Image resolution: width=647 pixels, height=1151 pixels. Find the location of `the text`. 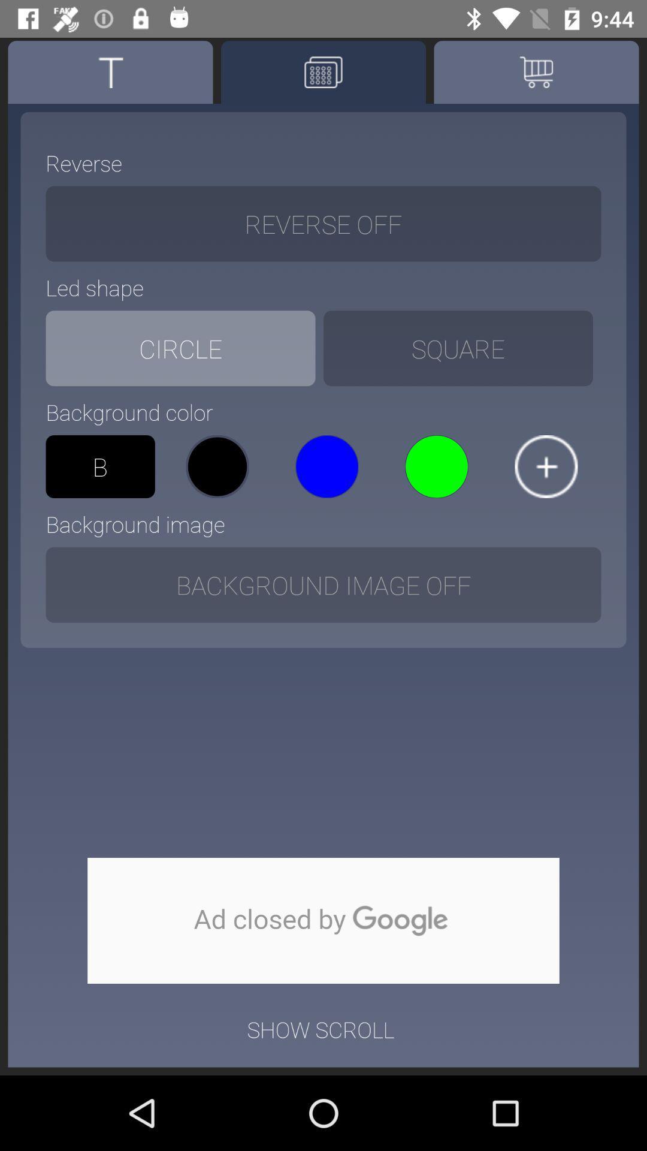

the text is located at coordinates (110, 71).